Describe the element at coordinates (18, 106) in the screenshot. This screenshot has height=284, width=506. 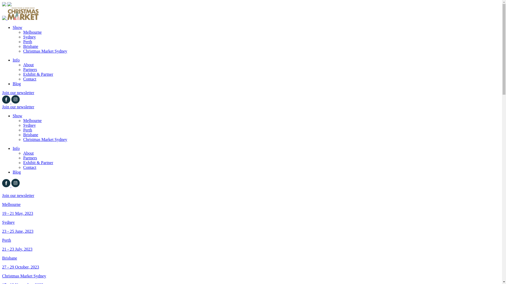
I see `'Join our newsletter'` at that location.